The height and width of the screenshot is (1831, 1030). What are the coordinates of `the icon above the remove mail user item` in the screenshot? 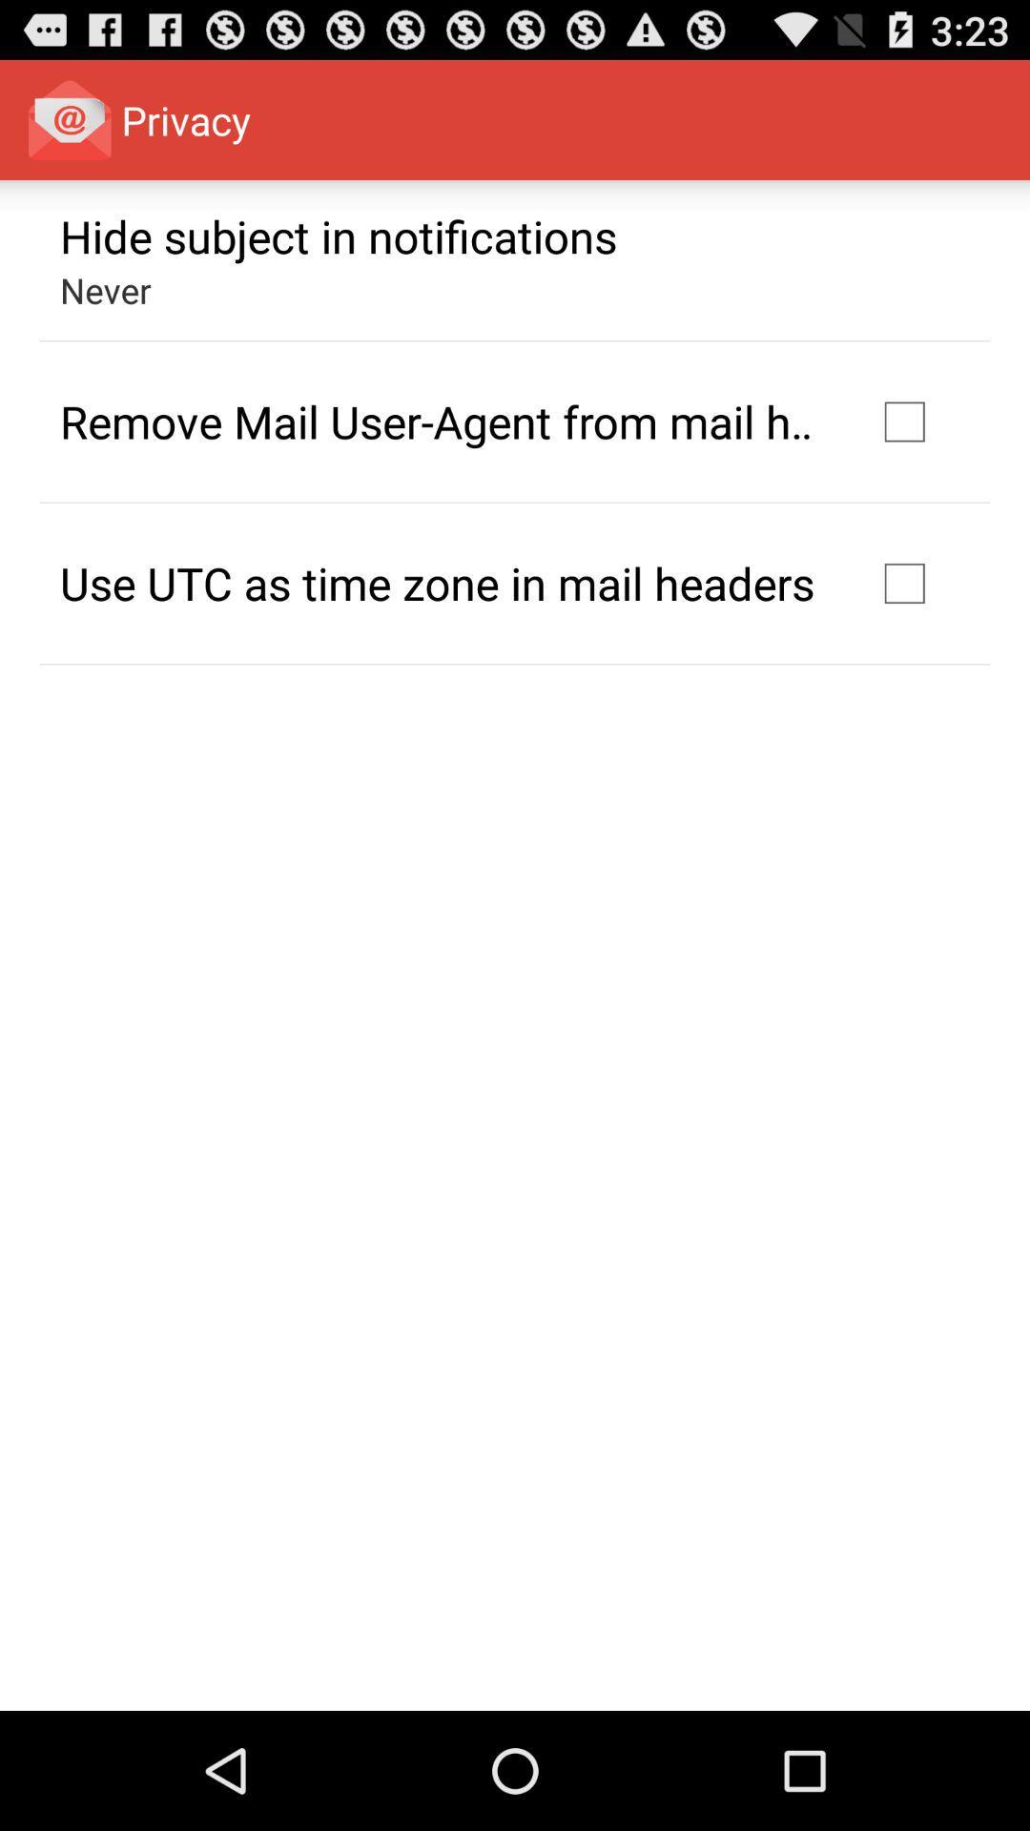 It's located at (106, 289).